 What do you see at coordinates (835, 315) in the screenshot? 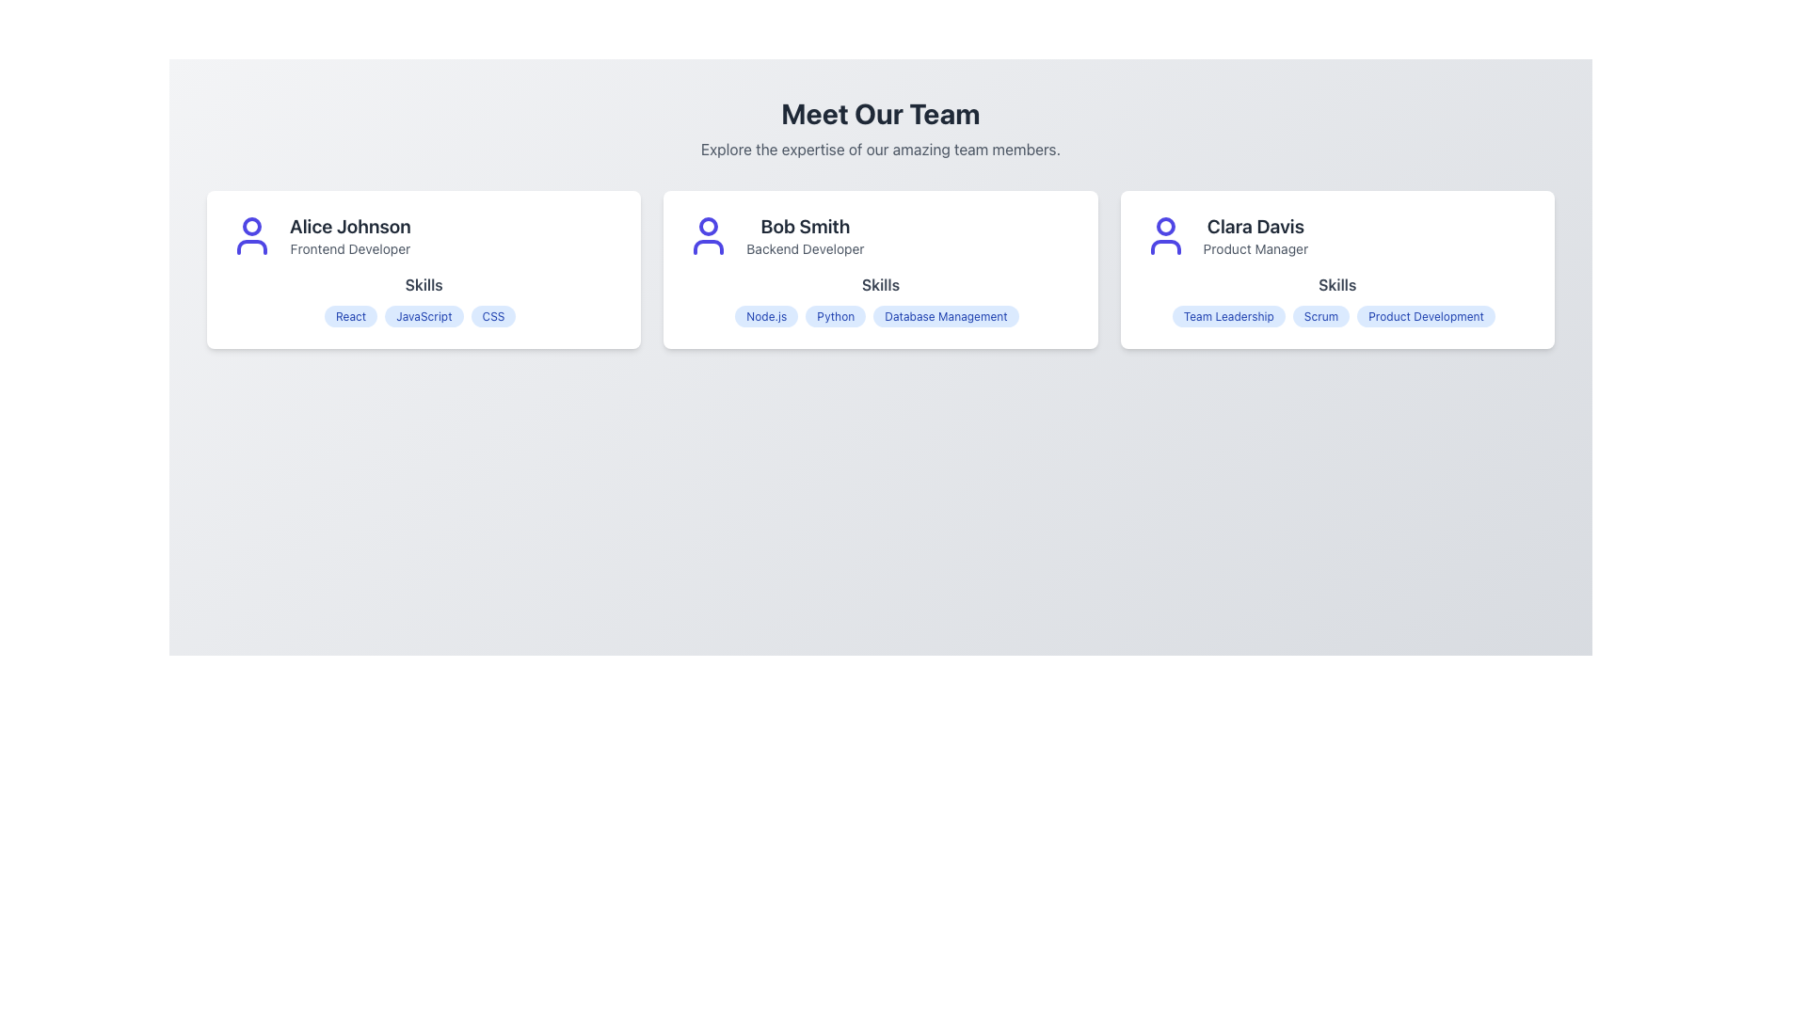
I see `the 'Python' skill badge associated with Bob Smith in the Skills section of his profile card` at bounding box center [835, 315].